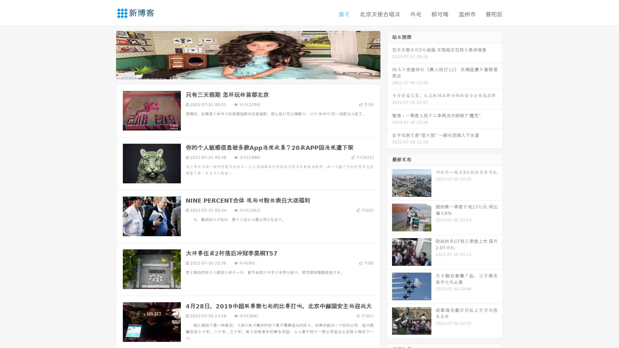  Describe the element at coordinates (389, 54) in the screenshot. I see `Next slide` at that location.